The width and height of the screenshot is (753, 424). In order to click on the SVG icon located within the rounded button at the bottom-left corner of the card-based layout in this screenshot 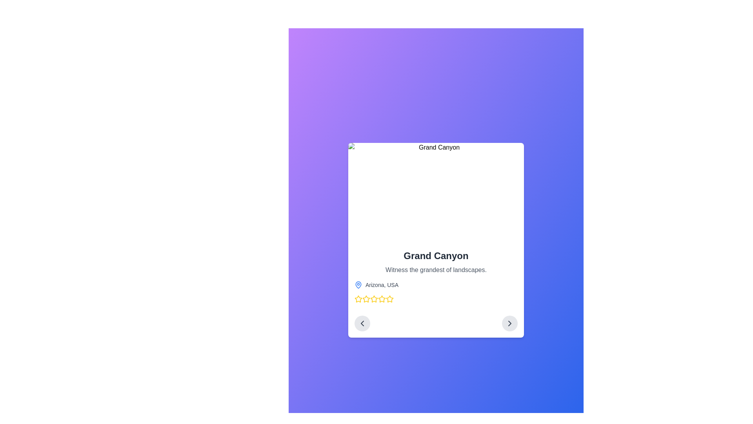, I will do `click(362, 323)`.